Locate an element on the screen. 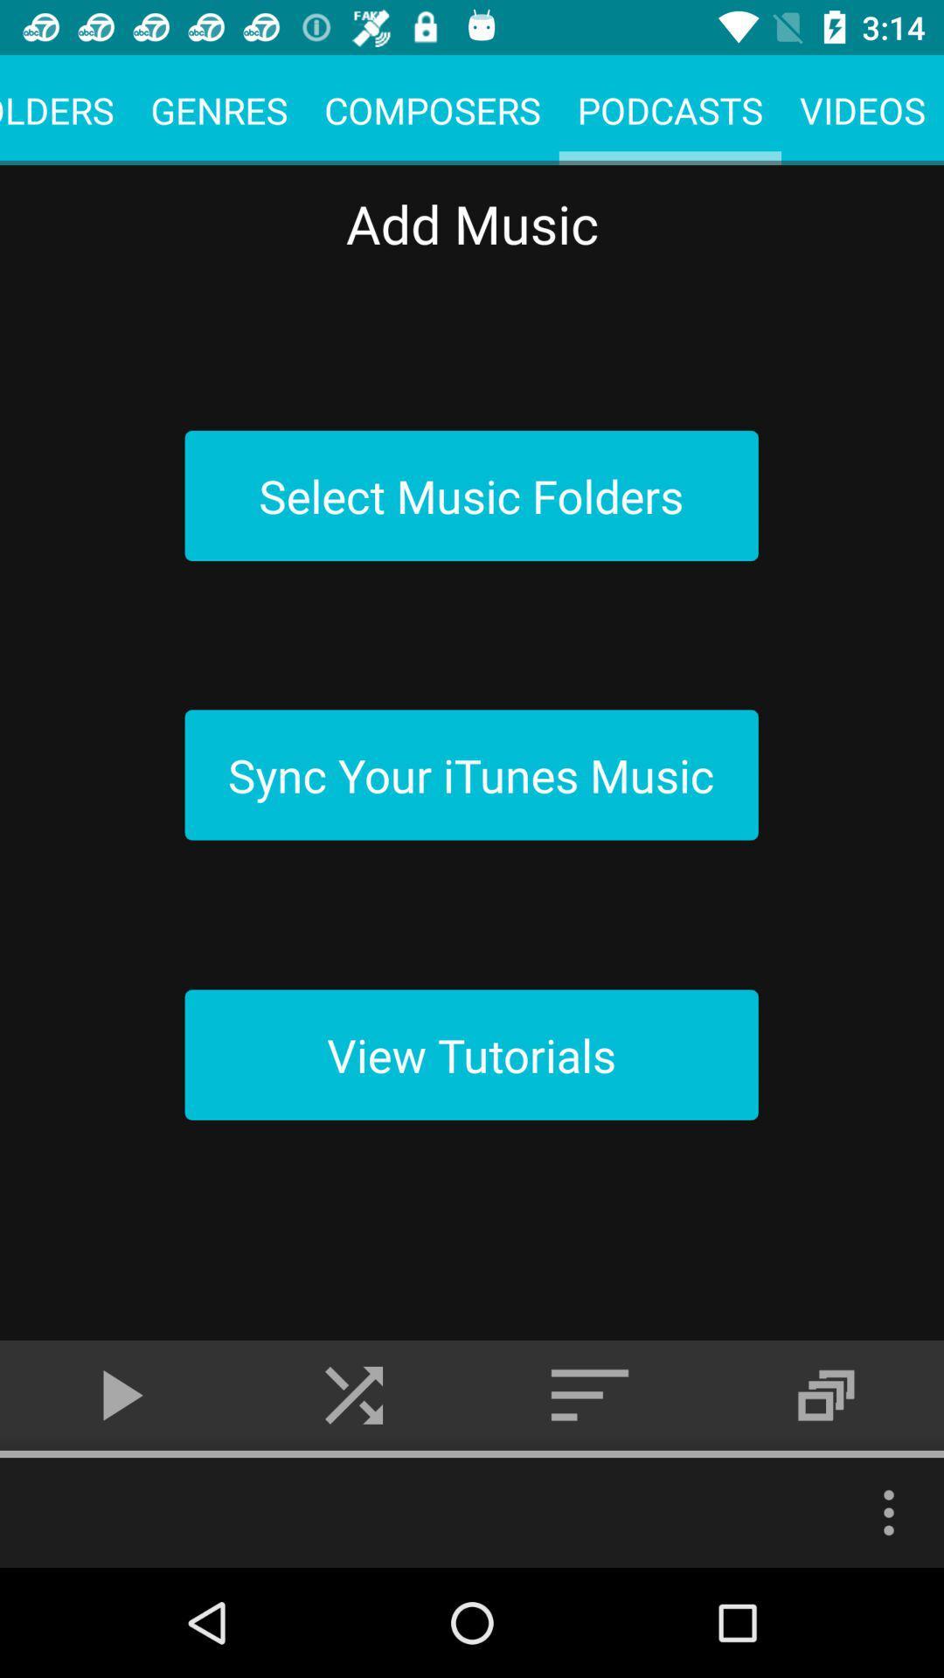  first button is located at coordinates (472, 495).